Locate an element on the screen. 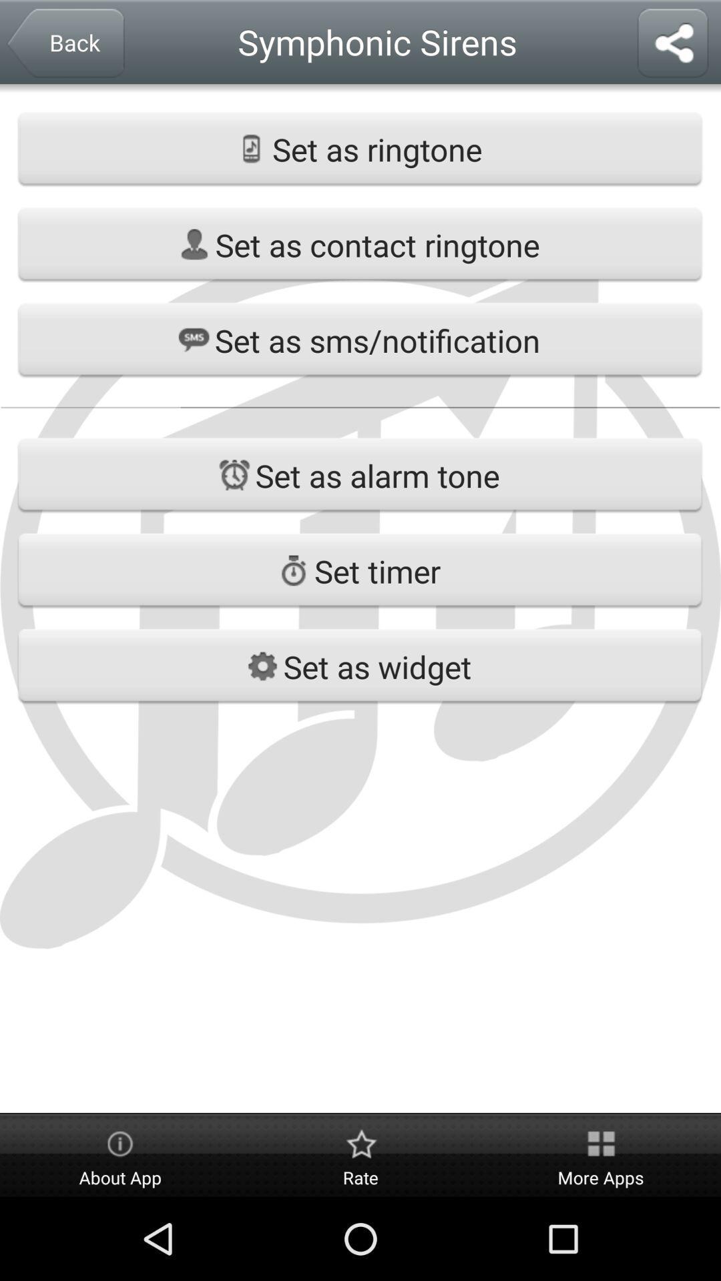 The image size is (721, 1281). the icon left to set as alarm tone is located at coordinates (234, 474).